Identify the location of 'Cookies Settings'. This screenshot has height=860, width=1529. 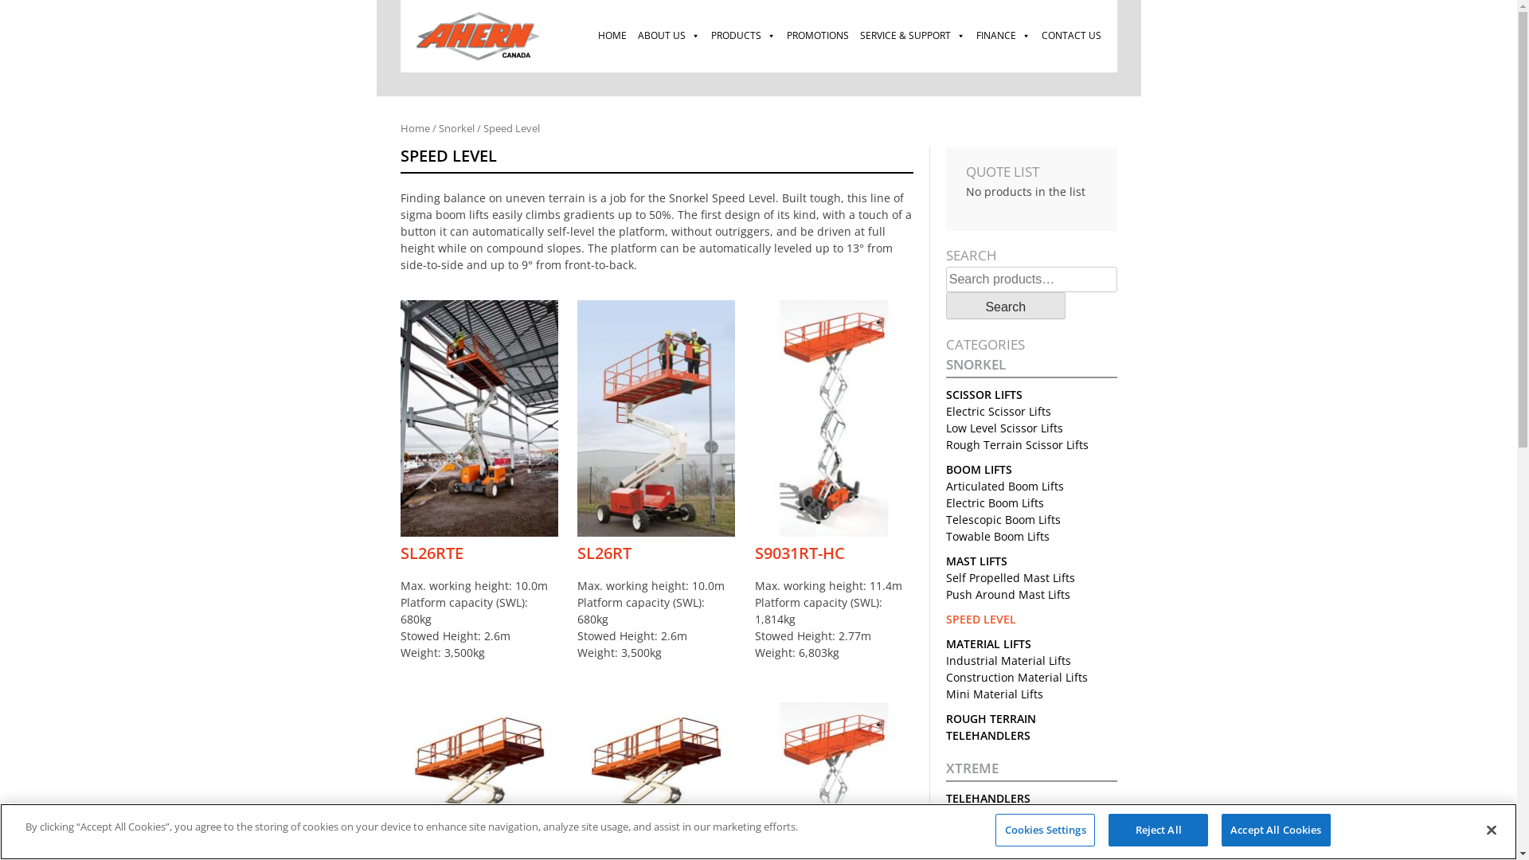
(1045, 829).